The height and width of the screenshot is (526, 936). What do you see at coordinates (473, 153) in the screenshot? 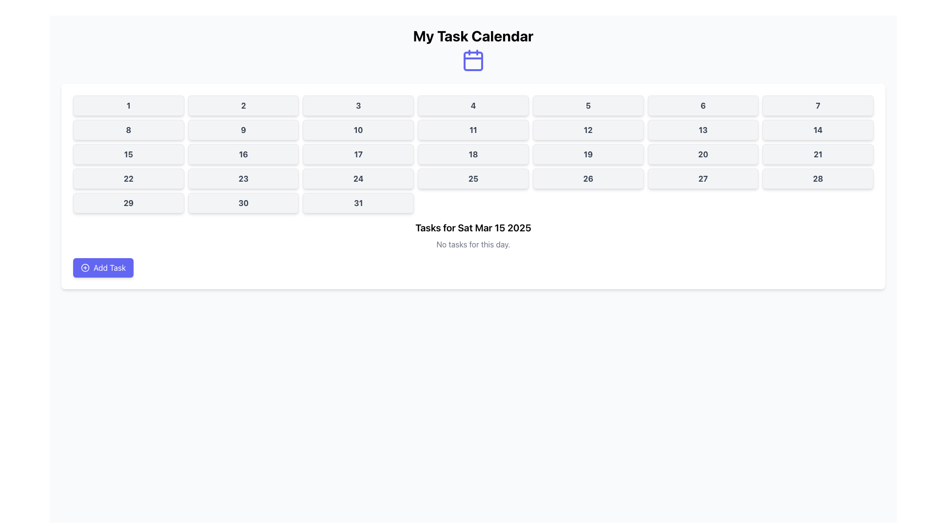
I see `the calendar date button representing the 18th, located in the third row and fourth column of the grid layout` at bounding box center [473, 153].